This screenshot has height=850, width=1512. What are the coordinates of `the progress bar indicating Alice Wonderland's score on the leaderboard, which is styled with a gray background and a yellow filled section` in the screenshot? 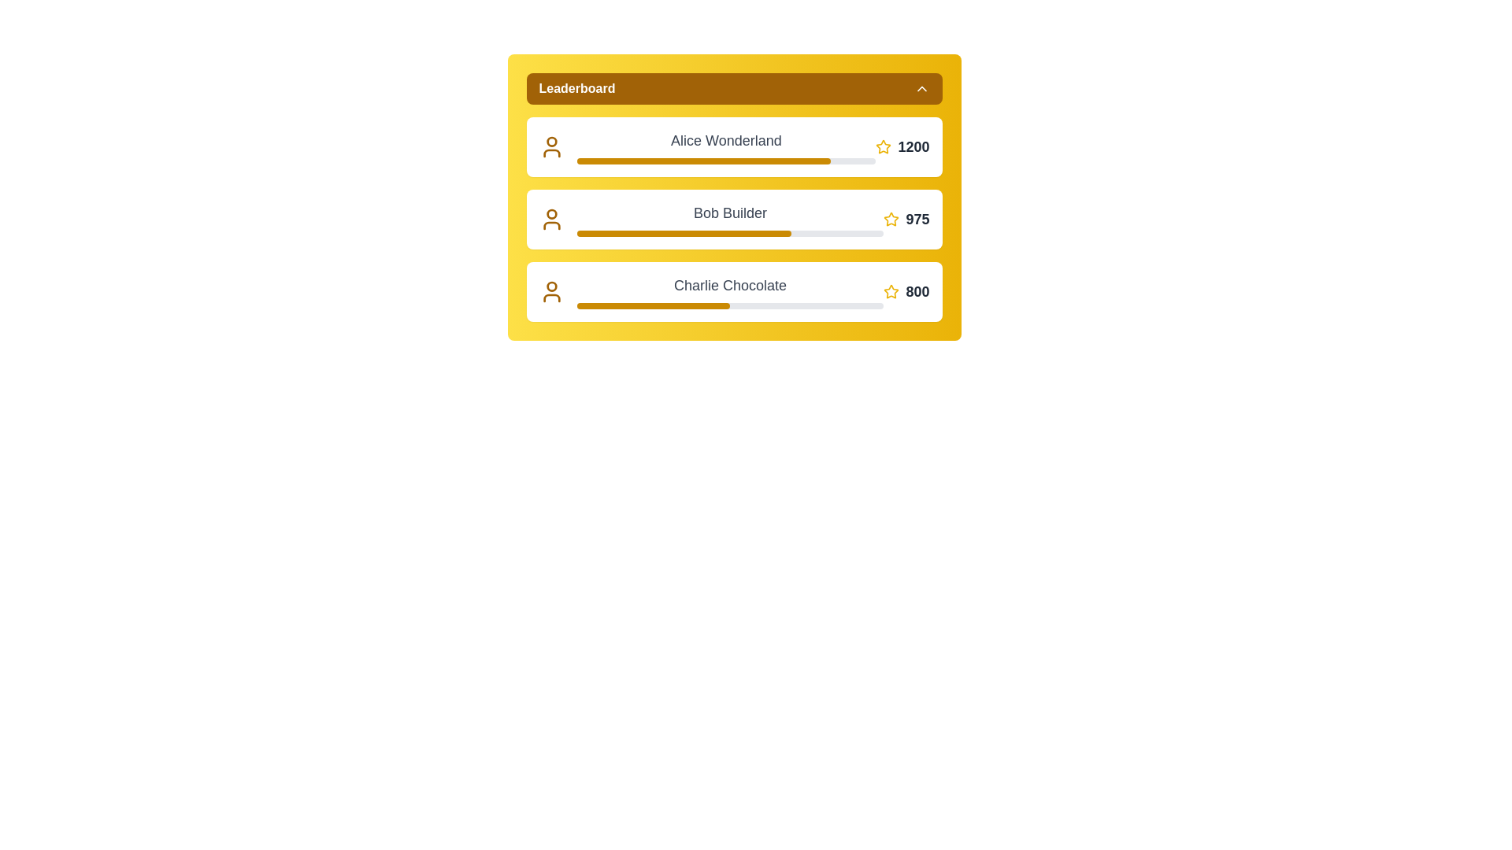 It's located at (725, 161).